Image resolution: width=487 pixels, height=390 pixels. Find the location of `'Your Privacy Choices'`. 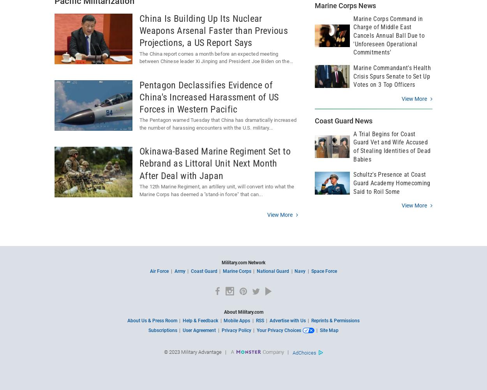

'Your Privacy Choices' is located at coordinates (256, 330).